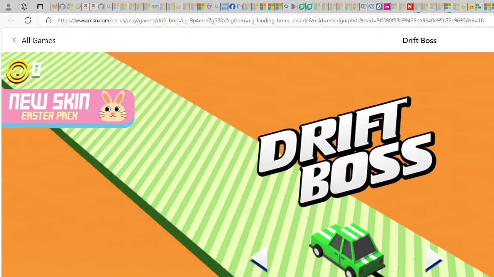  Describe the element at coordinates (186, 7) in the screenshot. I see `'Recipes - MSN - Sleeping'` at that location.